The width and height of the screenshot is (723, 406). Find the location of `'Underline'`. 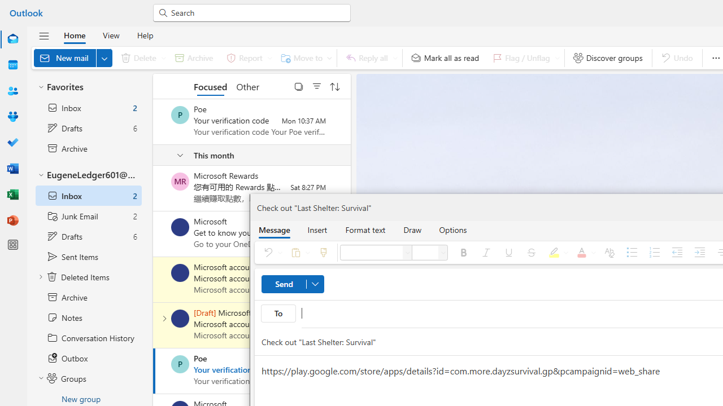

'Underline' is located at coordinates (508, 251).